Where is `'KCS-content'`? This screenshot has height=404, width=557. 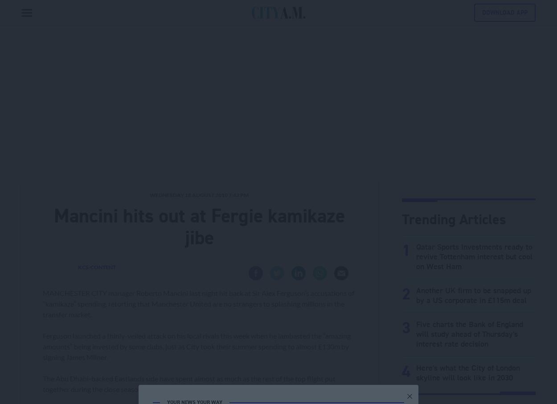 'KCS-content' is located at coordinates (96, 267).